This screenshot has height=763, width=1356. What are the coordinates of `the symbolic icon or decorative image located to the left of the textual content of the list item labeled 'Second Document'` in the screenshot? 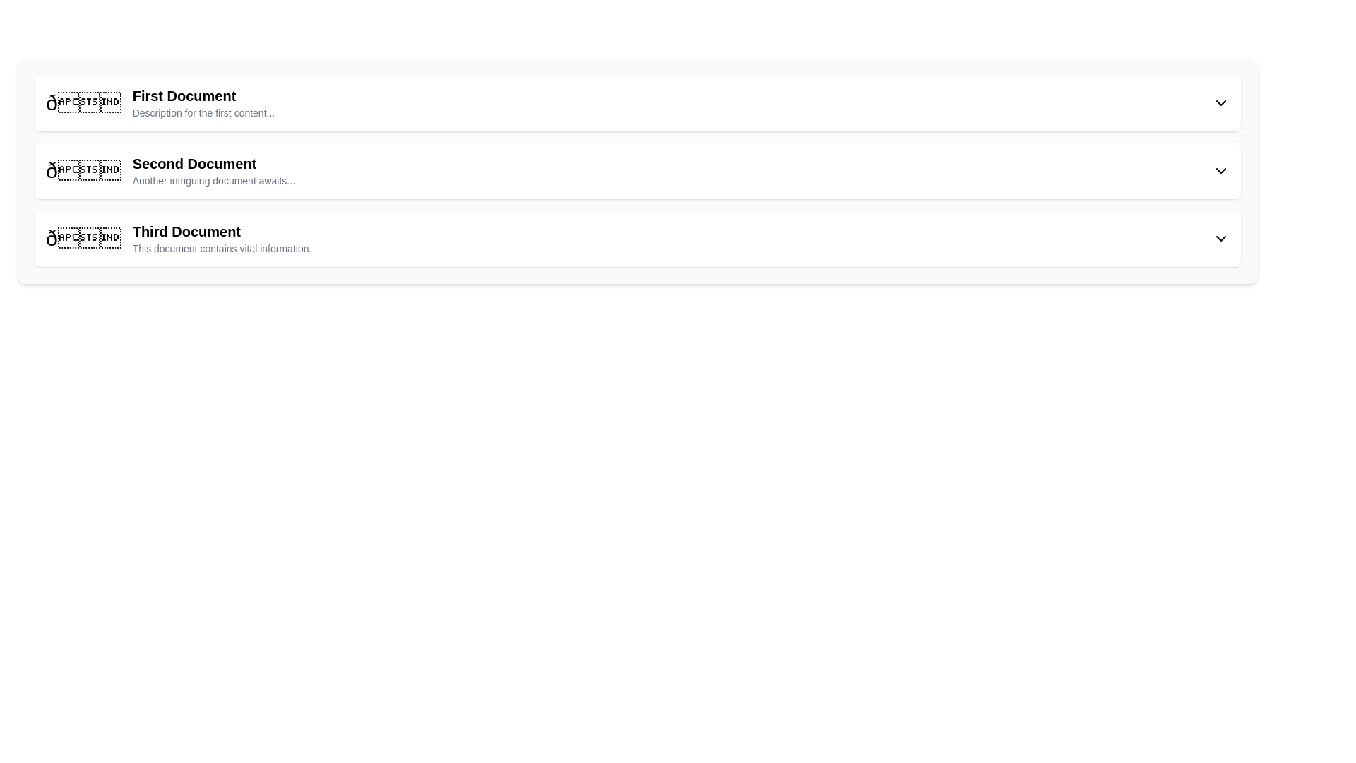 It's located at (83, 170).